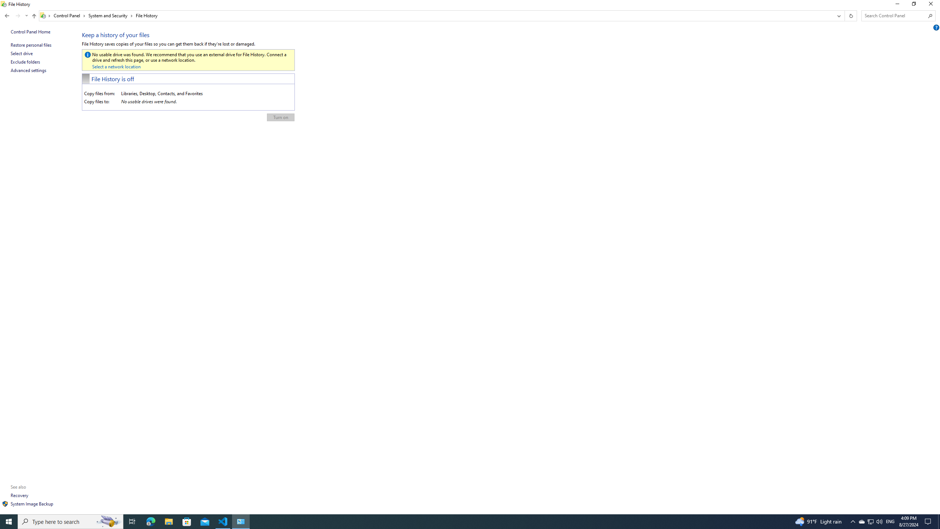 The width and height of the screenshot is (940, 529). I want to click on 'Up band toolbar', so click(34, 17).